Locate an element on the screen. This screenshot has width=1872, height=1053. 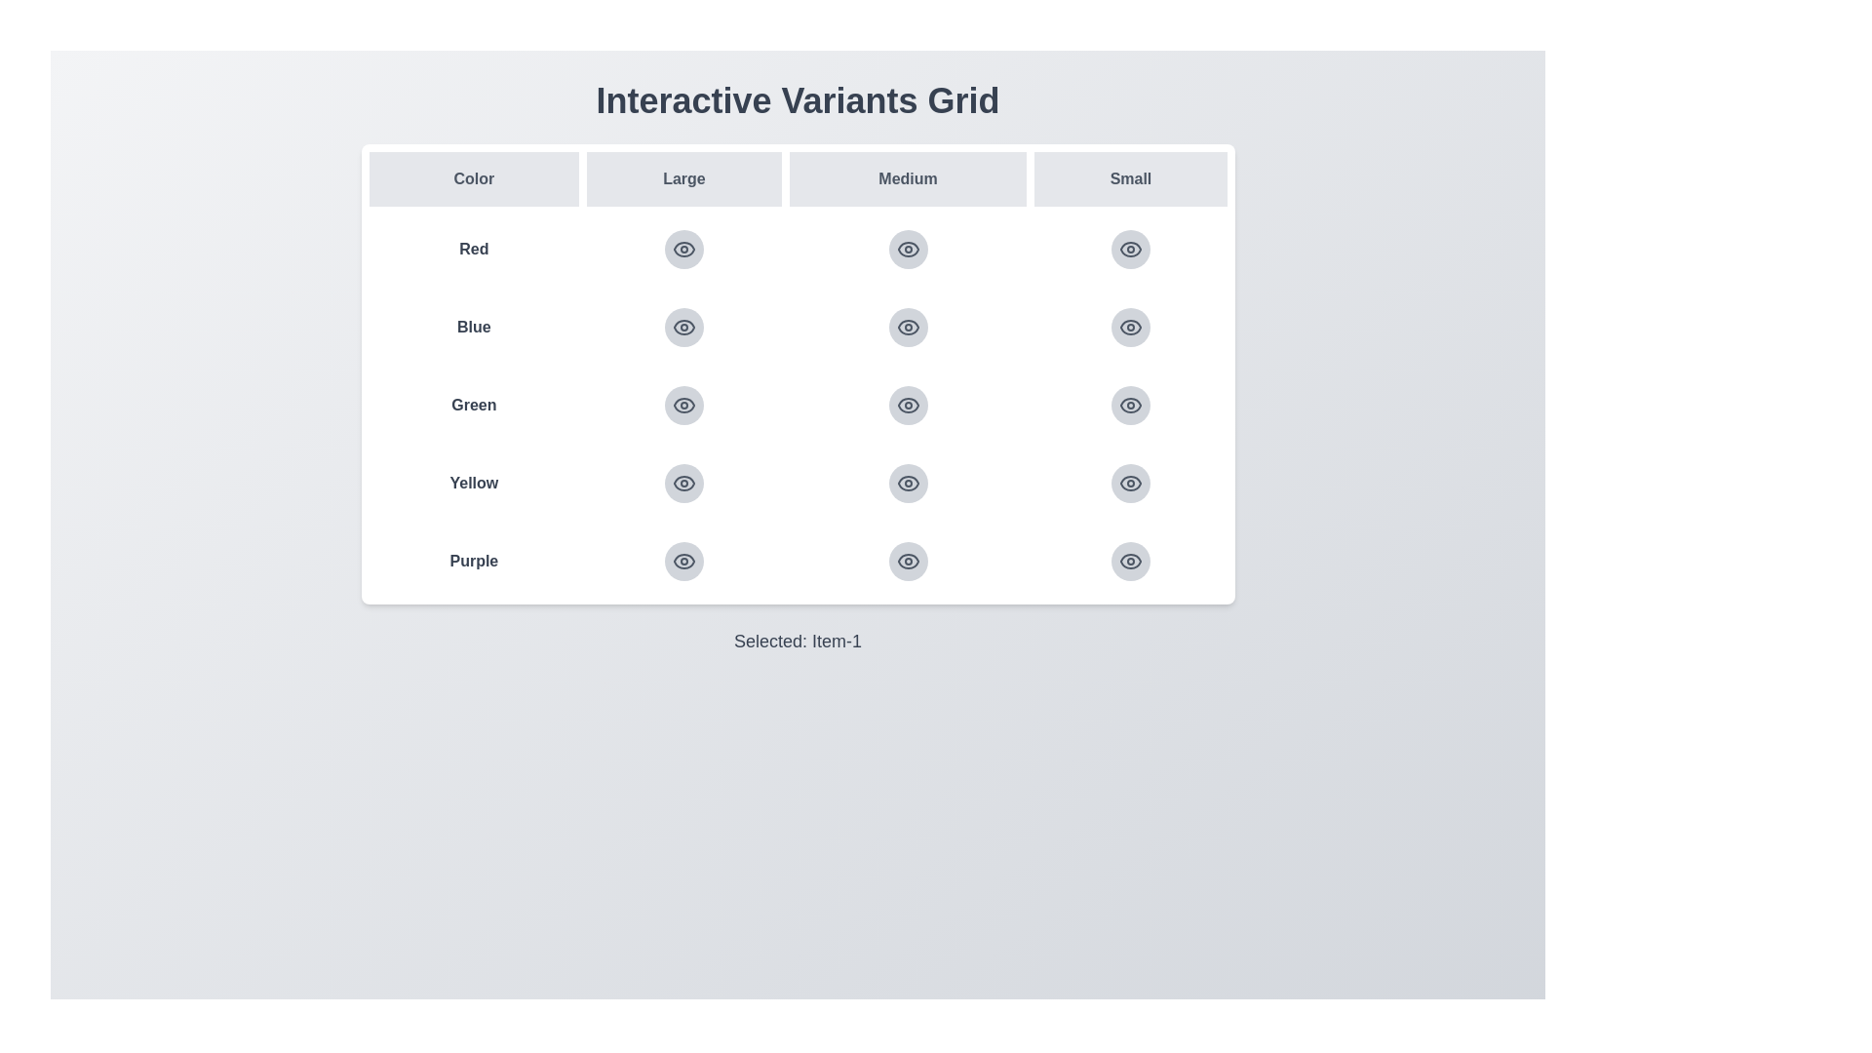
the interactive button (icon) in the first cell of the 'Purple' row is located at coordinates (683, 561).